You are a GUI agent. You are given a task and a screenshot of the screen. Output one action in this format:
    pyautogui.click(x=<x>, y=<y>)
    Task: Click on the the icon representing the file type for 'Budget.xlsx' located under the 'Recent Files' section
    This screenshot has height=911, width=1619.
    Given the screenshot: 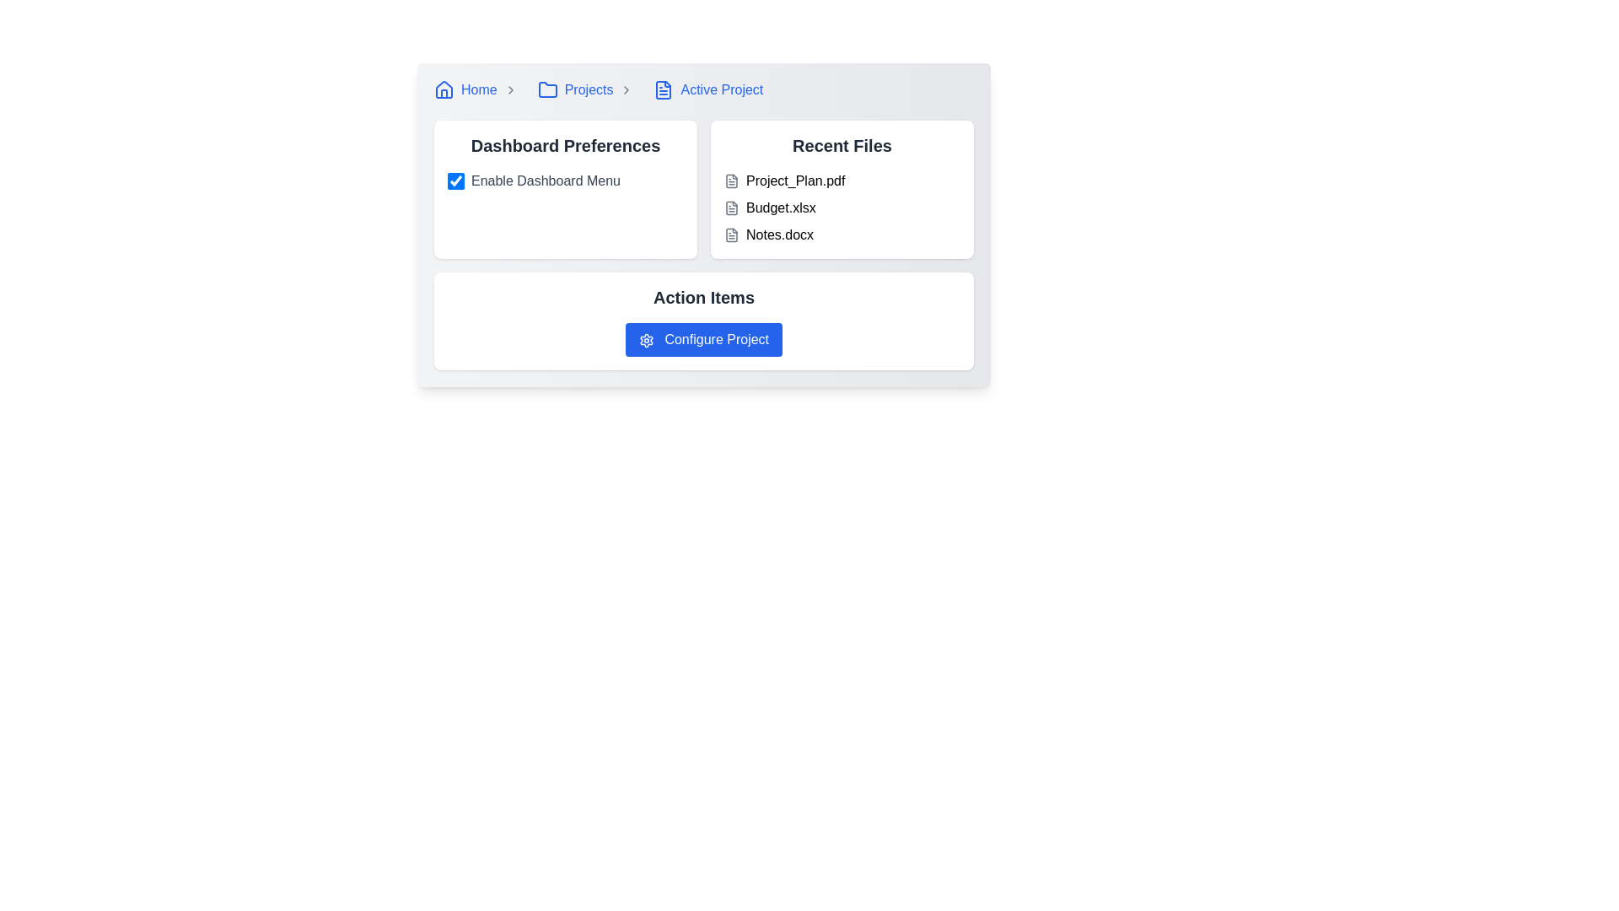 What is the action you would take?
    pyautogui.click(x=732, y=207)
    